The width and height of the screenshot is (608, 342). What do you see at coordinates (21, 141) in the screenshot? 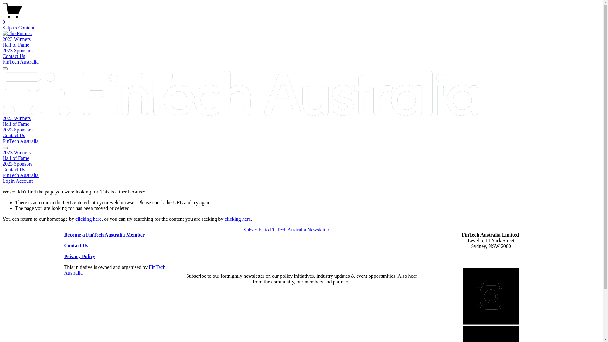
I see `'FinTech Australia'` at bounding box center [21, 141].